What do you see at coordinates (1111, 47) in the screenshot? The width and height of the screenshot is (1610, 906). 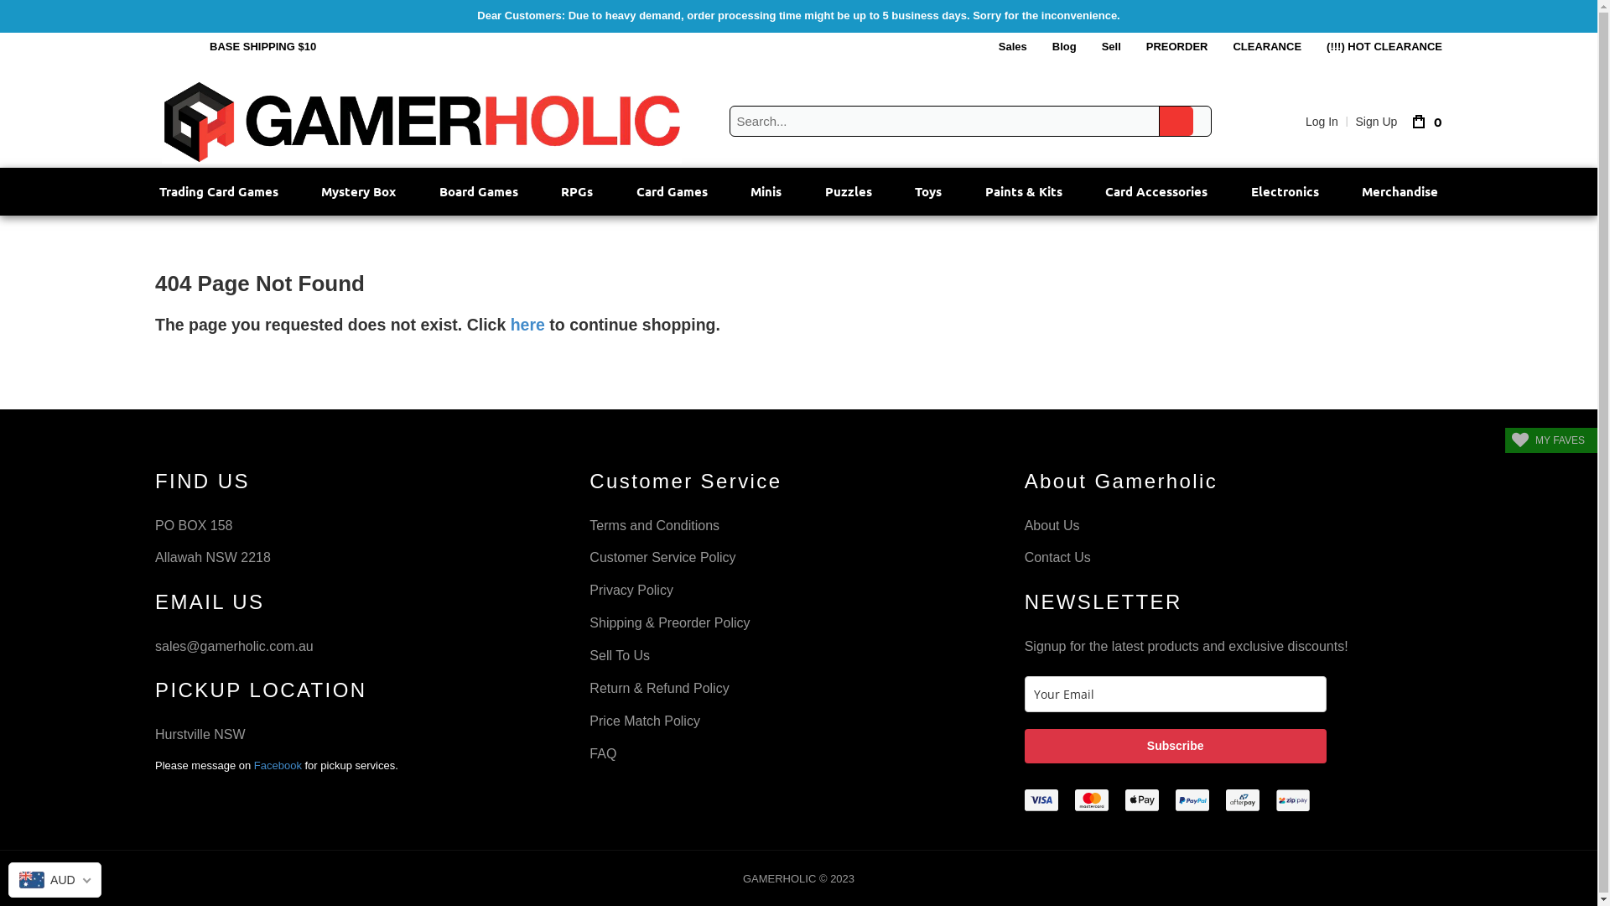 I see `'Sell'` at bounding box center [1111, 47].